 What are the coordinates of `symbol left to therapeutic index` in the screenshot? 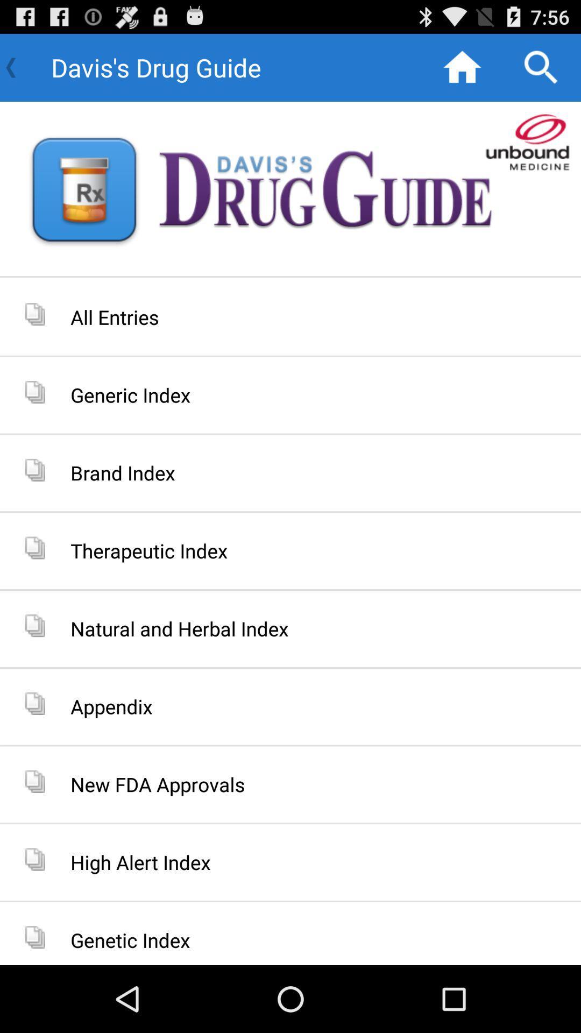 It's located at (34, 548).